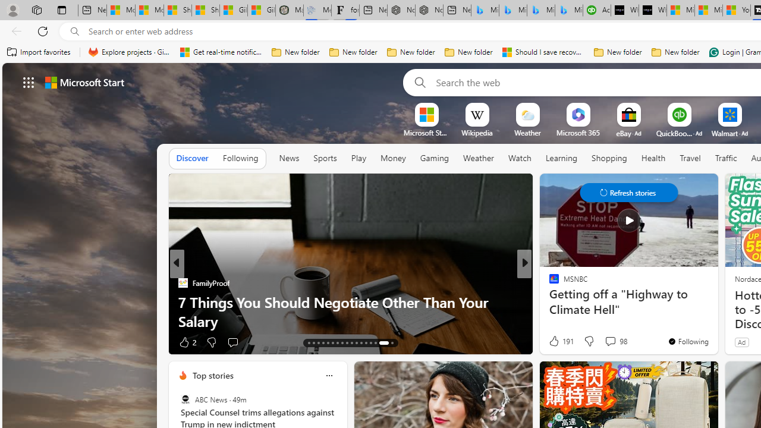 This screenshot has width=761, height=428. I want to click on 'Manatee Mortality Statistics | FWC', so click(289, 10).